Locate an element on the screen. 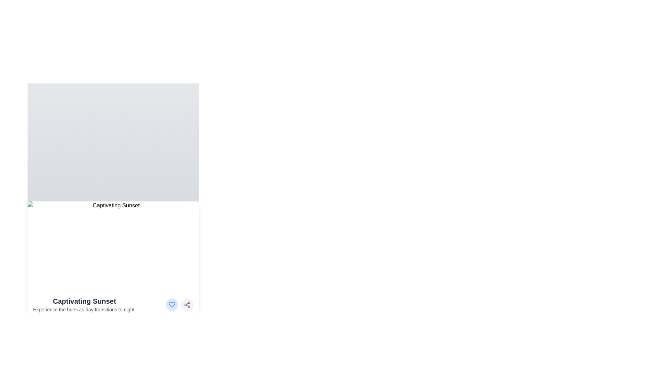 Image resolution: width=670 pixels, height=377 pixels. the heart icon located inside a circular button with a light blue background at the bottom right corner of the card displaying 'Captivating Sunset' is located at coordinates (172, 304).